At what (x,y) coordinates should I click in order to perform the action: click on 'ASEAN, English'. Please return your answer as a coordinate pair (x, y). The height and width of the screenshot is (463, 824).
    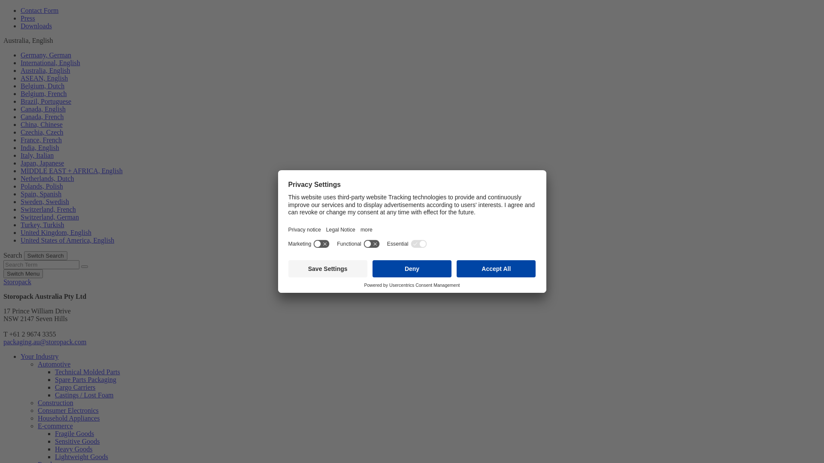
    Looking at the image, I should click on (43, 78).